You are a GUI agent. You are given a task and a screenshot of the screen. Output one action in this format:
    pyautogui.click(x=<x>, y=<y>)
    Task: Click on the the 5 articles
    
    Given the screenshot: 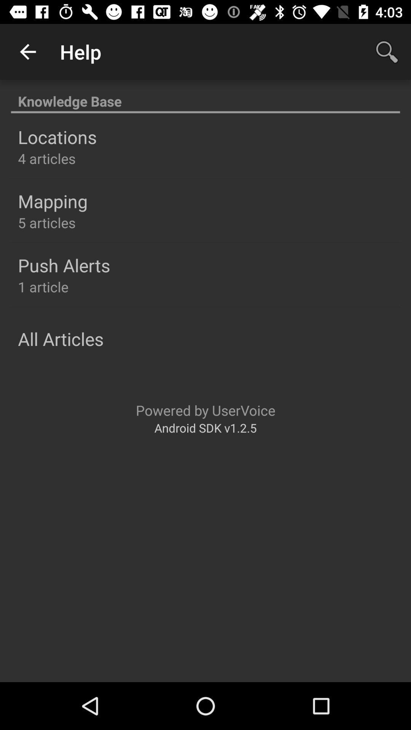 What is the action you would take?
    pyautogui.click(x=47, y=222)
    